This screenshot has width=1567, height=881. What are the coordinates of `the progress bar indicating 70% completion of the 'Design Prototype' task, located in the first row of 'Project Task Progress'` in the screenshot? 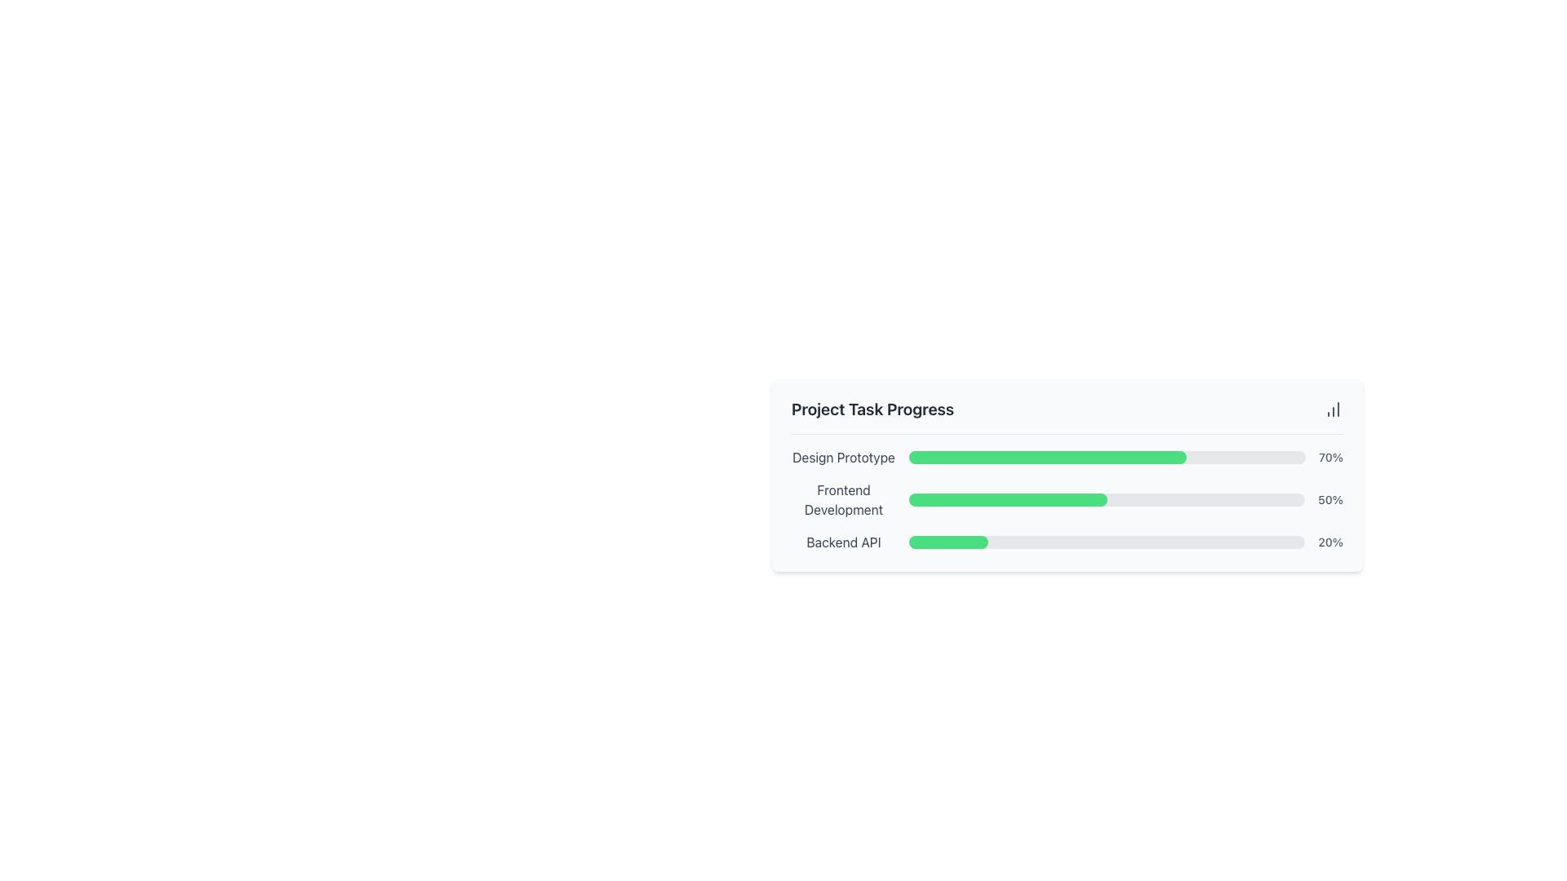 It's located at (1108, 457).